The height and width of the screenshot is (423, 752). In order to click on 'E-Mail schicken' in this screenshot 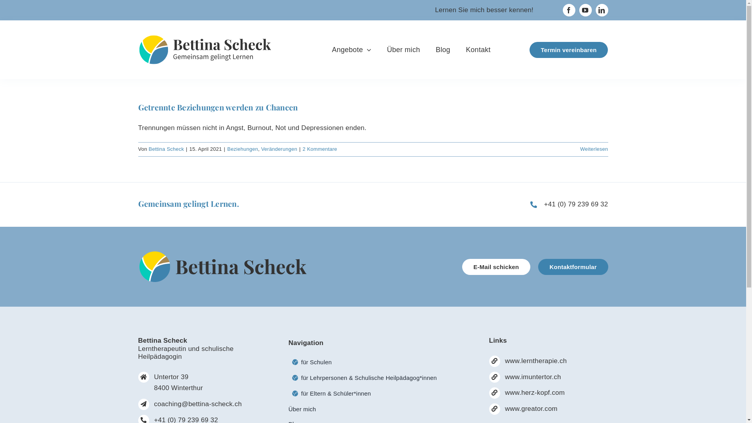, I will do `click(462, 266)`.